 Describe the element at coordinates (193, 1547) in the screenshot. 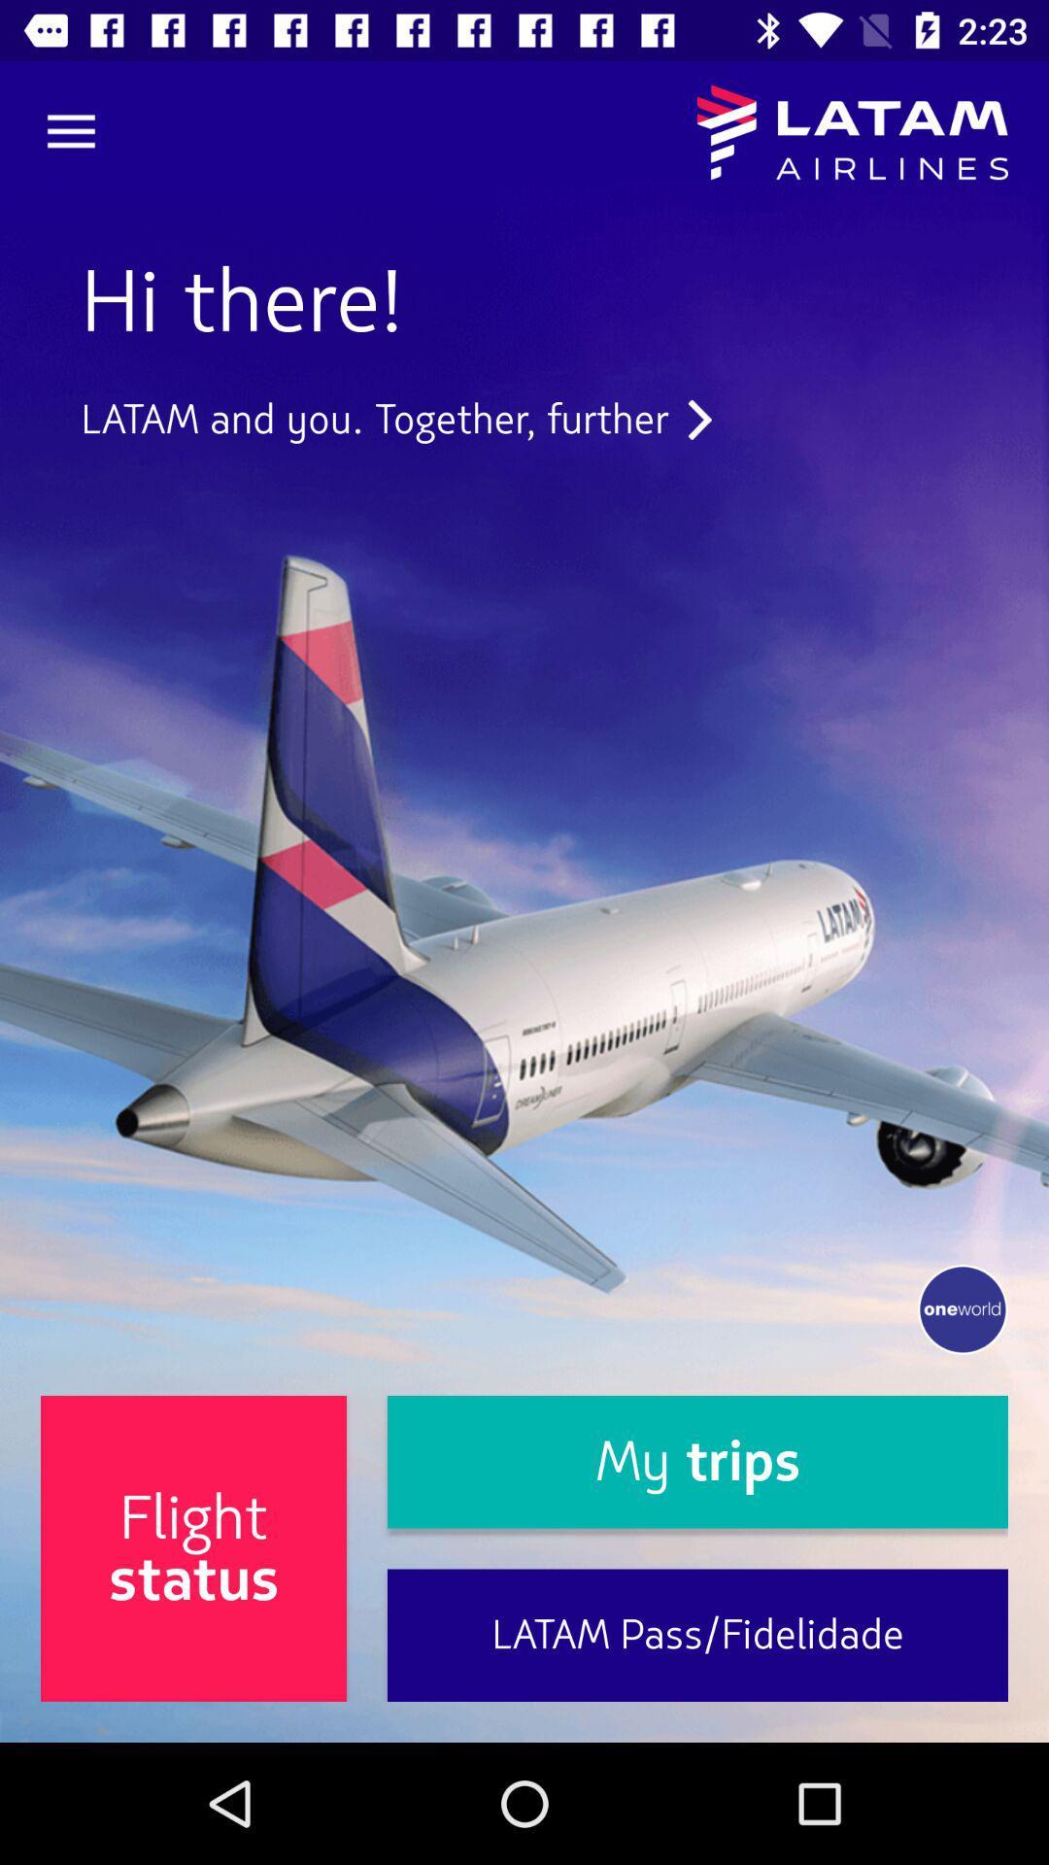

I see `the icon at the bottom left corner` at that location.